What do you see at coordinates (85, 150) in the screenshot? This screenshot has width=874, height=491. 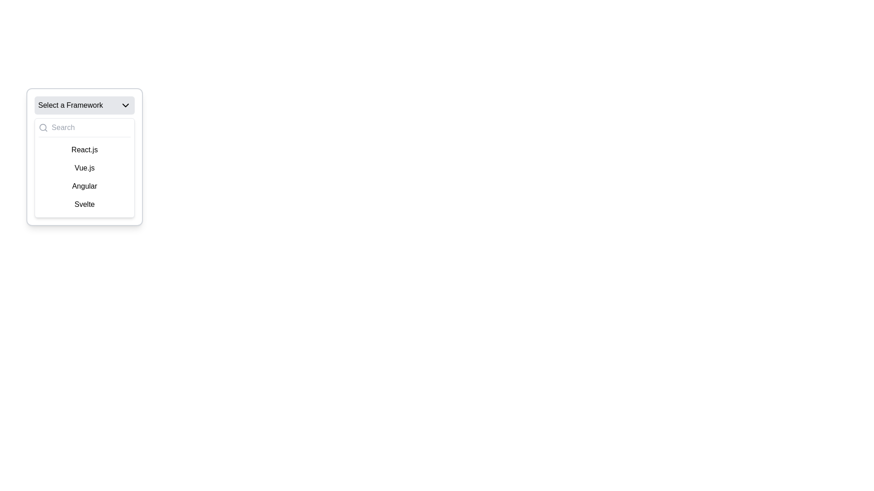 I see `the 'React.js' menu item in the dropdown list under 'Select a Framework'` at bounding box center [85, 150].